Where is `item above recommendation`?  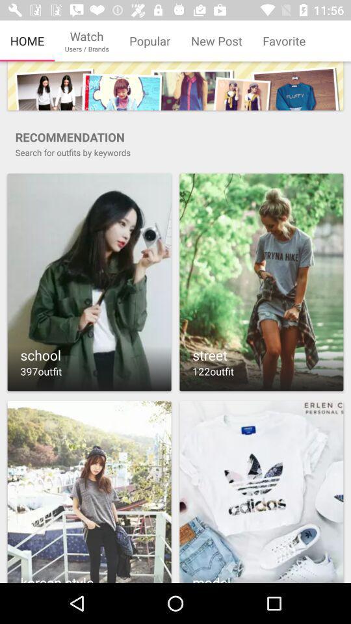 item above recommendation is located at coordinates (175, 85).